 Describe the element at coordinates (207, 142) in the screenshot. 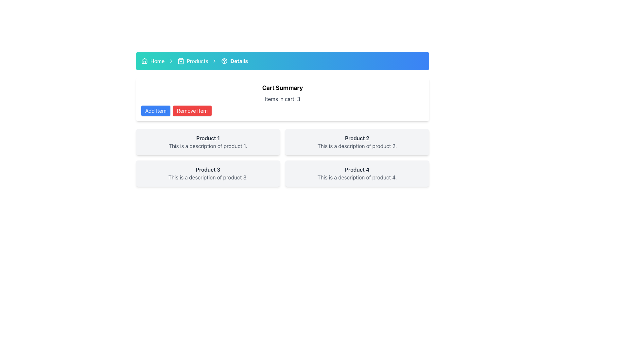

I see `title and description of the Display card for 'Product 1', located at the top-left corner of the grid beneath the 'Cart Summary' section` at that location.